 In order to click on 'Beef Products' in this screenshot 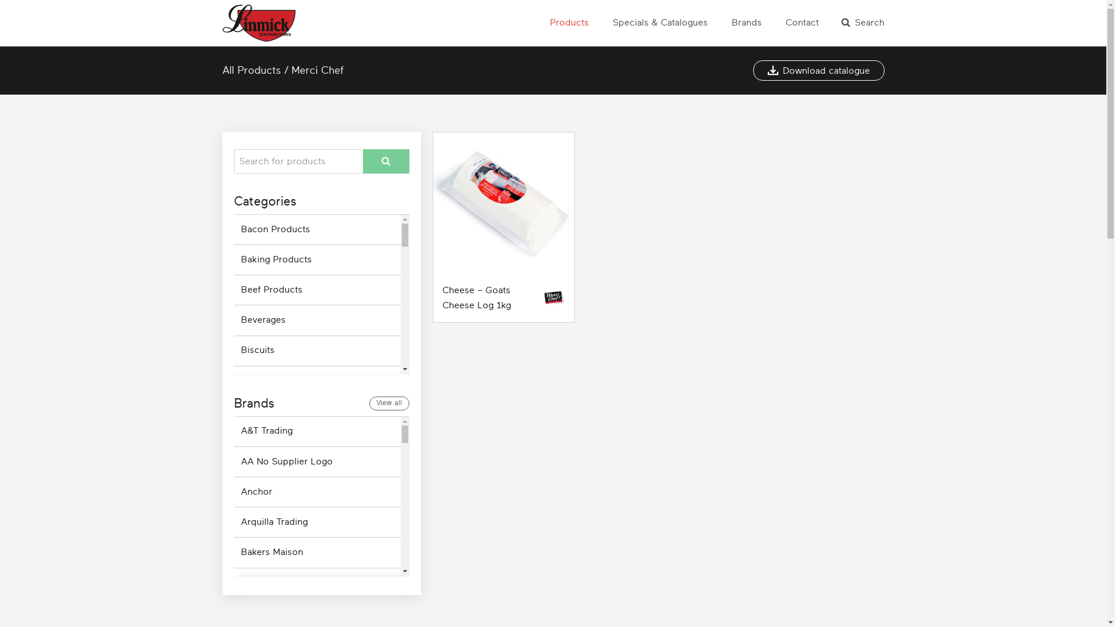, I will do `click(316, 289)`.